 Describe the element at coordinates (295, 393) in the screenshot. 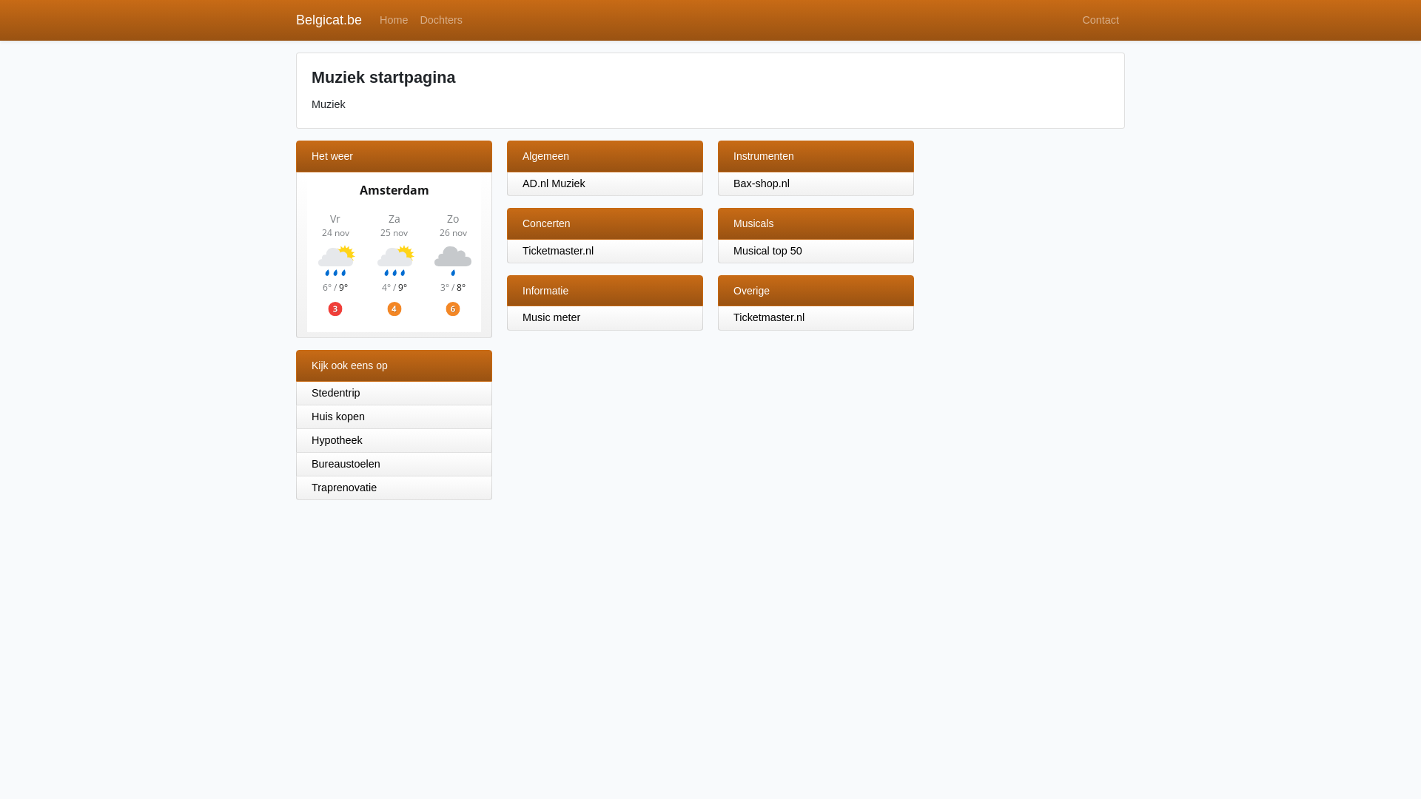

I see `'Stedentrip'` at that location.